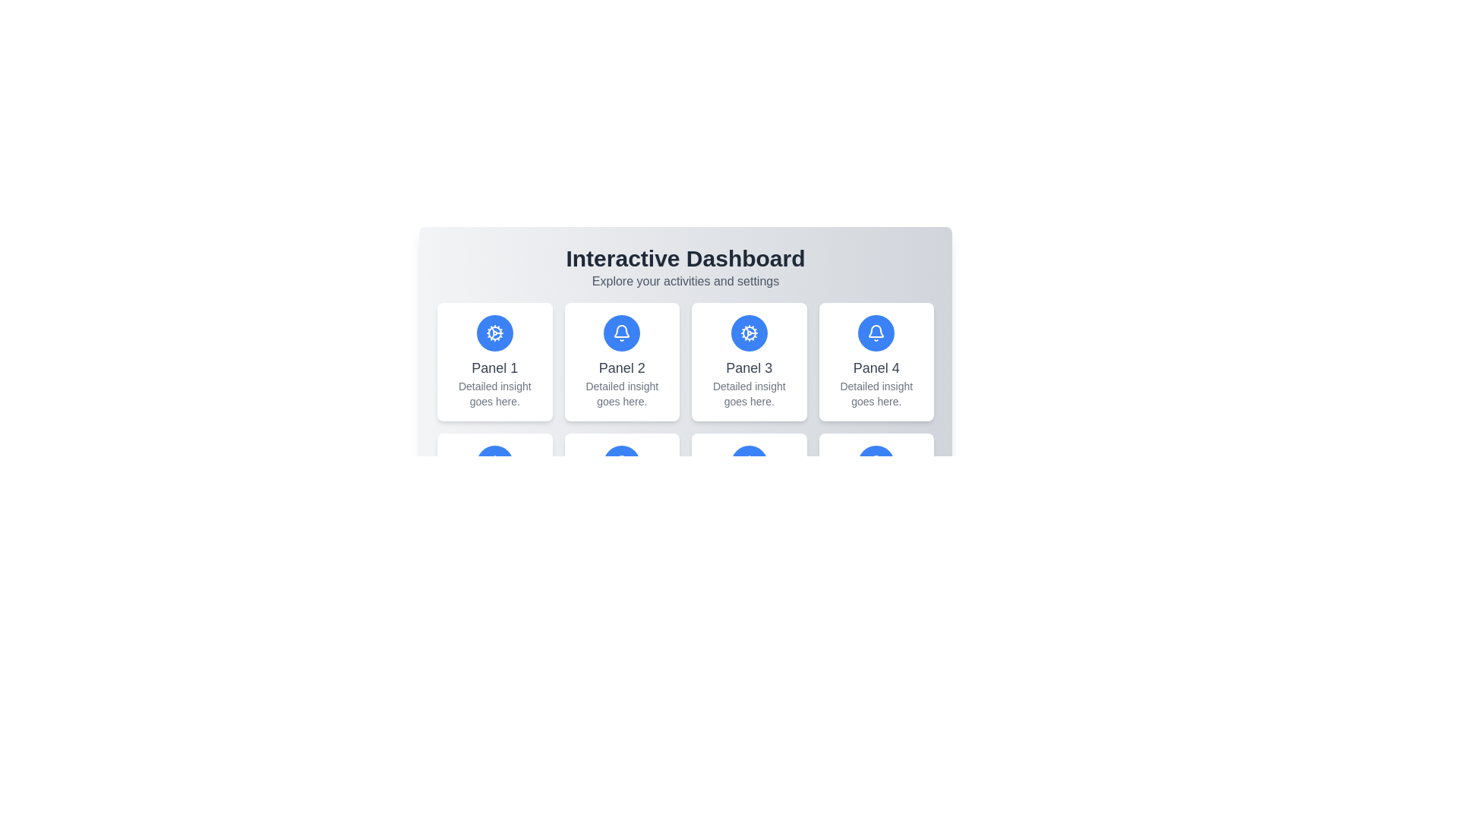 The image size is (1458, 820). Describe the element at coordinates (494, 333) in the screenshot. I see `the Icon Button located at the top-center of 'Panel 1', which serves as a visual anchor for accessing settings or configurations` at that location.